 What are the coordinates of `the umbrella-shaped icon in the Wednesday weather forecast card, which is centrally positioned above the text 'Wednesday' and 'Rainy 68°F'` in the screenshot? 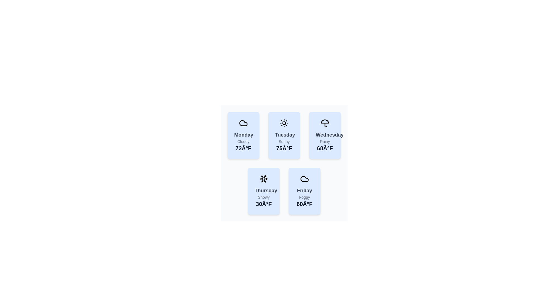 It's located at (325, 123).